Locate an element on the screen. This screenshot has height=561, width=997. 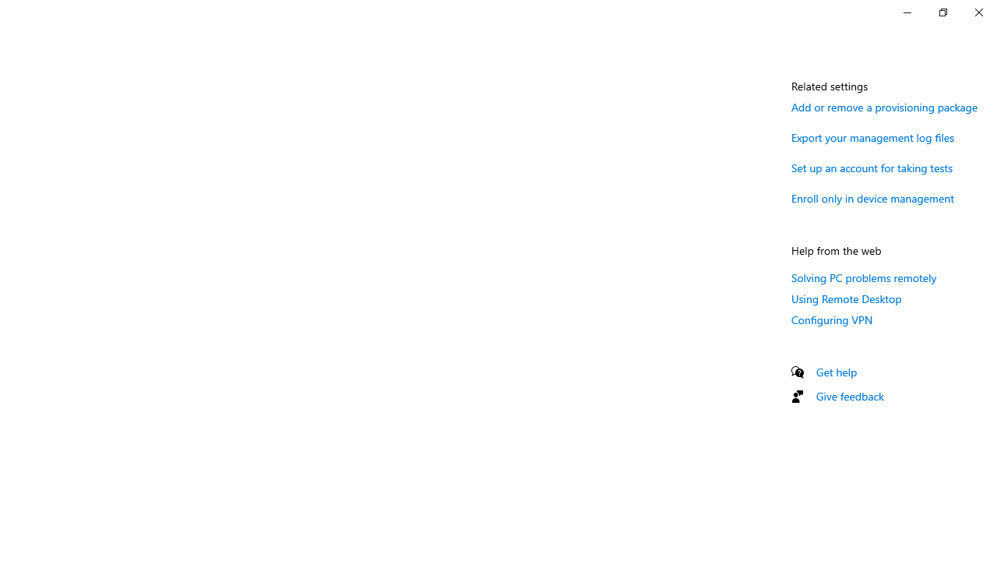
'Export your management log files' is located at coordinates (873, 136).